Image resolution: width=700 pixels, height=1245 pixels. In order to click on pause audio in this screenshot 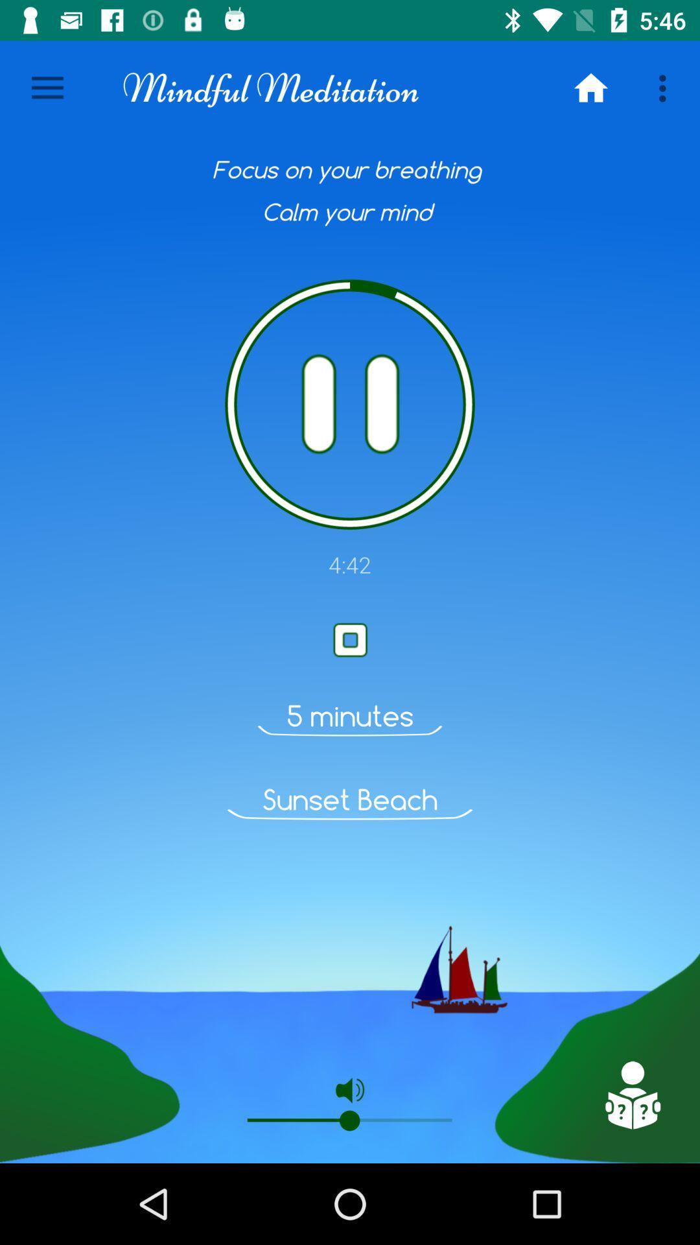, I will do `click(350, 404)`.